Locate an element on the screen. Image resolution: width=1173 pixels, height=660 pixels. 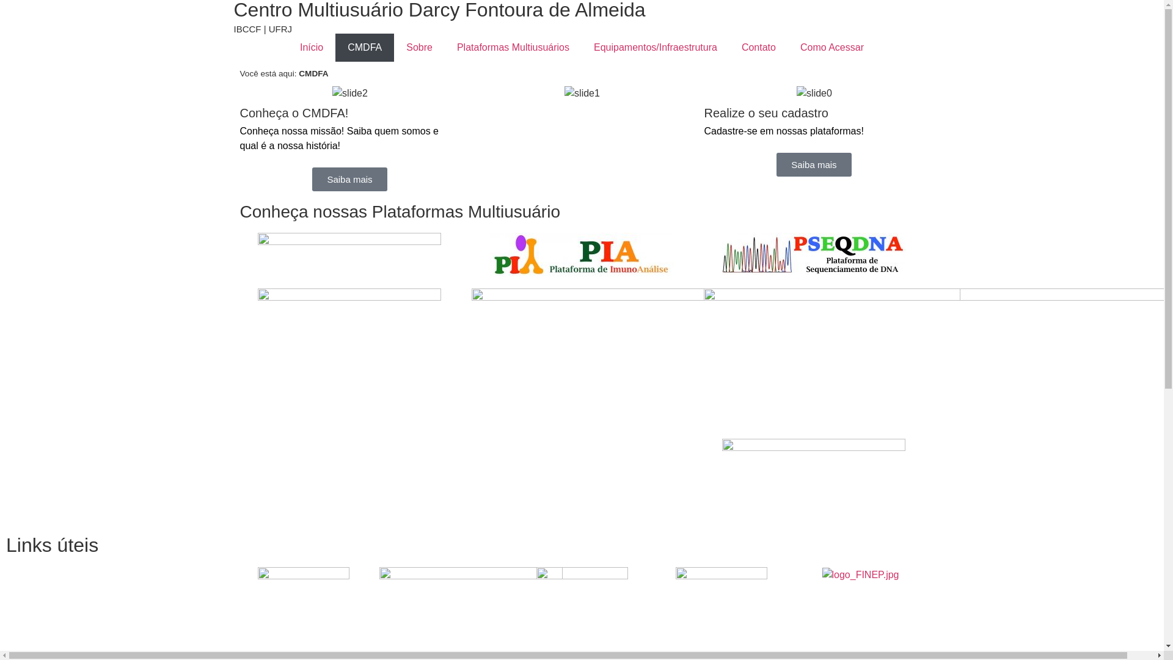
'logo_FINEP.jpg' is located at coordinates (860, 575).